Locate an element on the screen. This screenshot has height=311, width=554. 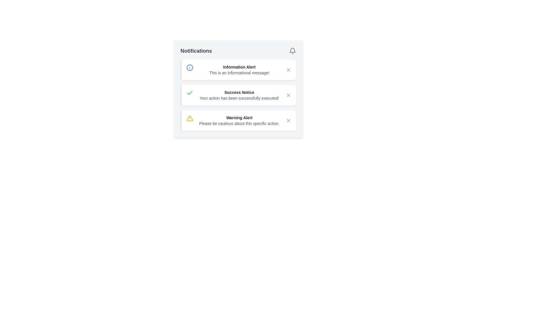
the Text Label that serves as the title for the 'Warning Alert' notification, which is located at the top of the notification box is located at coordinates (239, 117).